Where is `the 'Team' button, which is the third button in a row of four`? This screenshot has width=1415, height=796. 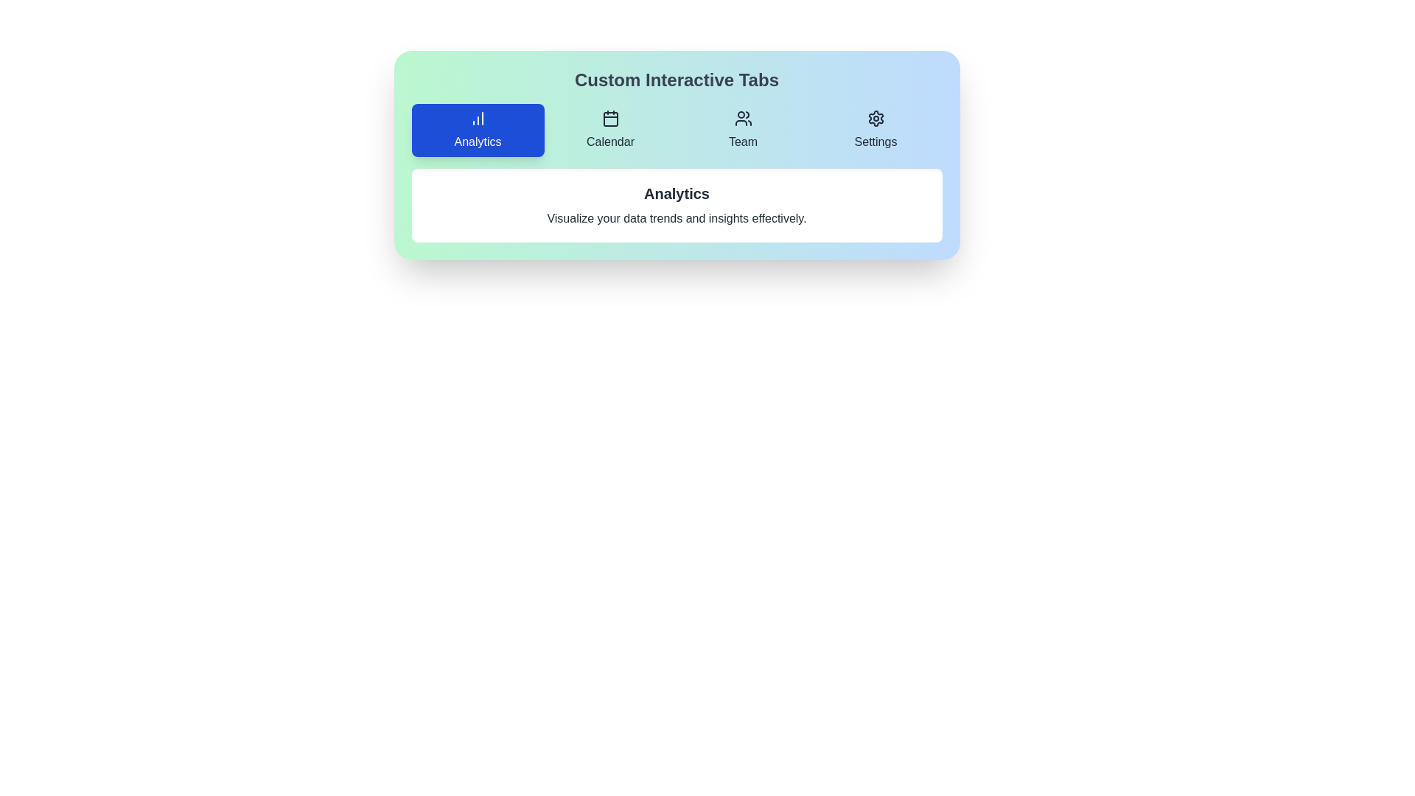
the 'Team' button, which is the third button in a row of four is located at coordinates (743, 130).